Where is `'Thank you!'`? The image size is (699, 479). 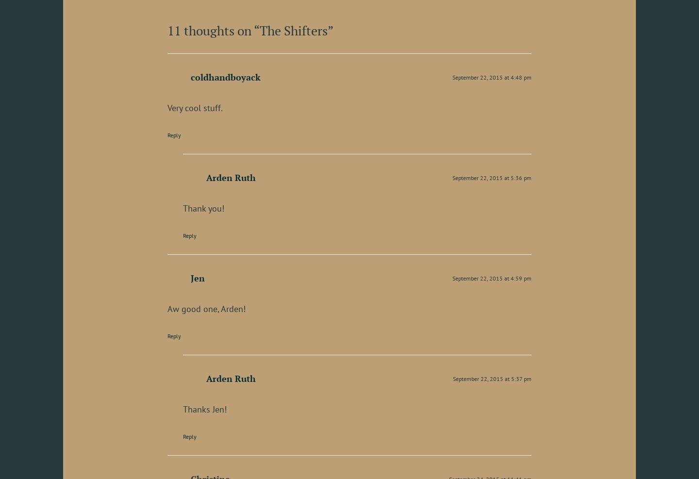 'Thank you!' is located at coordinates (203, 207).